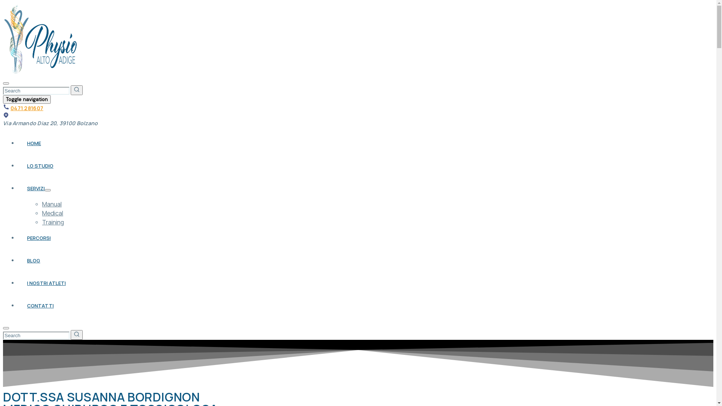 Image resolution: width=722 pixels, height=406 pixels. What do you see at coordinates (2, 3) in the screenshot?
I see `'Skip to Content'` at bounding box center [2, 3].